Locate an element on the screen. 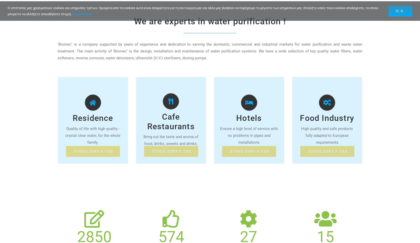  'ALL THE SOLUTIONS FOR RESIDENCES' is located at coordinates (92, 89).